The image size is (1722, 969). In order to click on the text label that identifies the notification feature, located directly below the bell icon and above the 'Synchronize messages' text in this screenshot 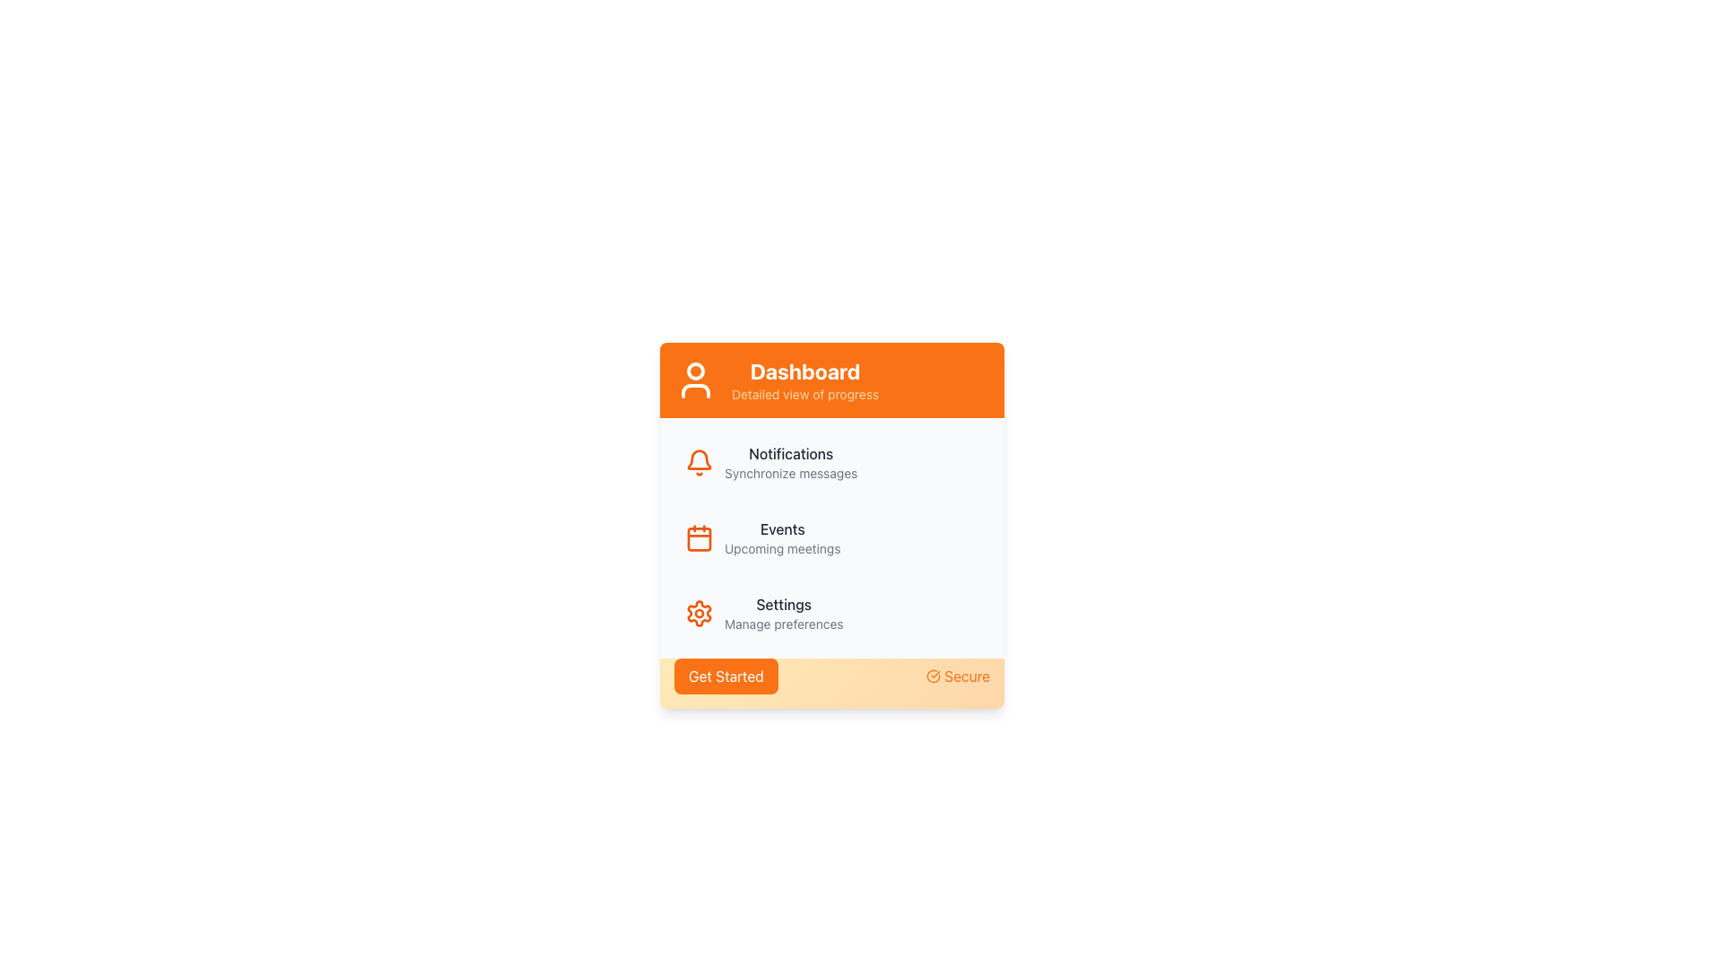, I will do `click(790, 452)`.